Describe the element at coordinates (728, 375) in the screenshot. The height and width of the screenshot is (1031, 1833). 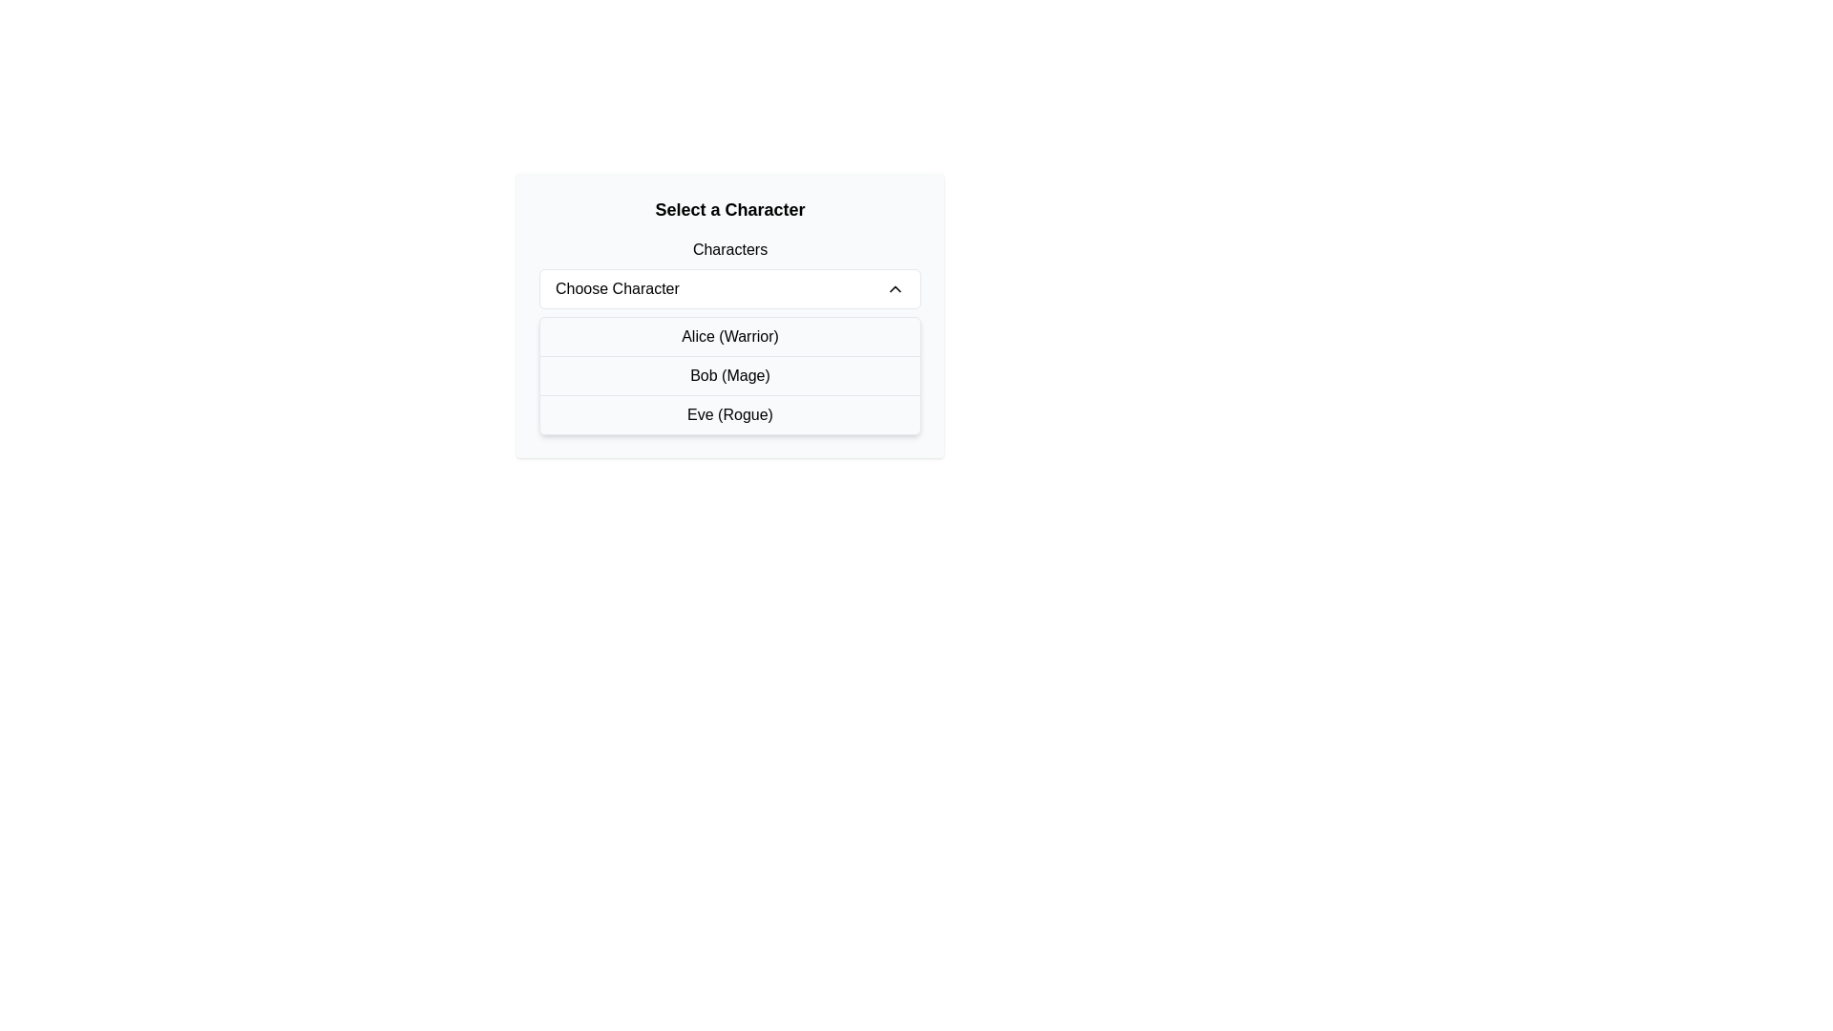
I see `a list item in the List box with selectable items located below the 'Choose Character' button in the 'Select a Character' pop-up panel` at that location.